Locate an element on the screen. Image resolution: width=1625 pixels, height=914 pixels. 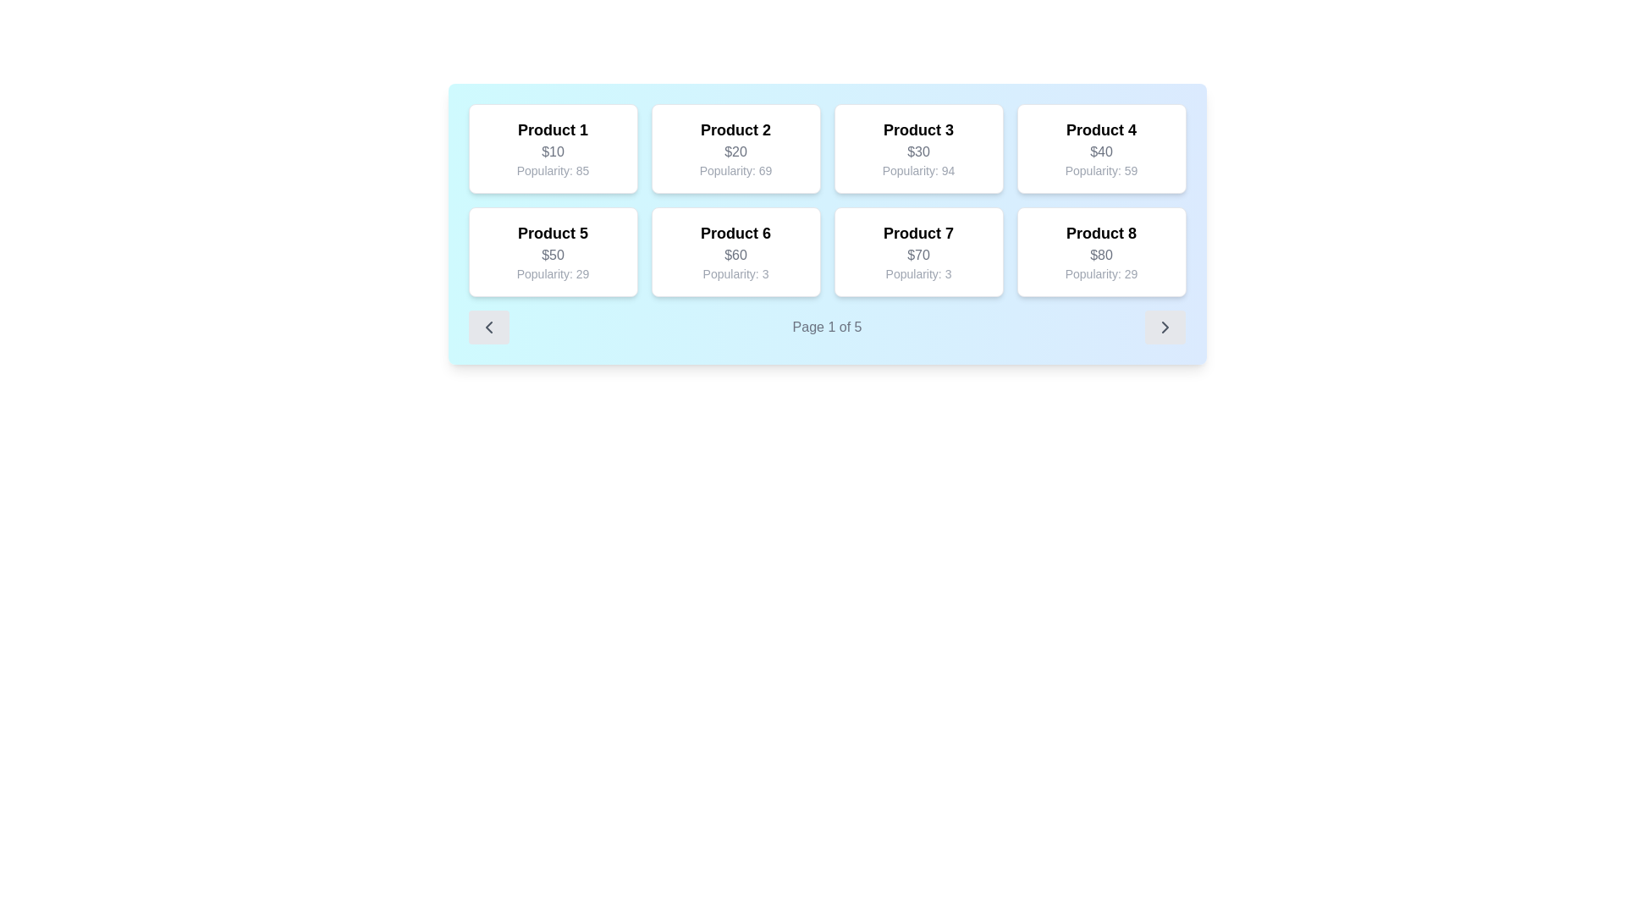
the informational product card located in the third position of the top row, which provides an overview of the product's title, price, and popularity is located at coordinates (917, 148).